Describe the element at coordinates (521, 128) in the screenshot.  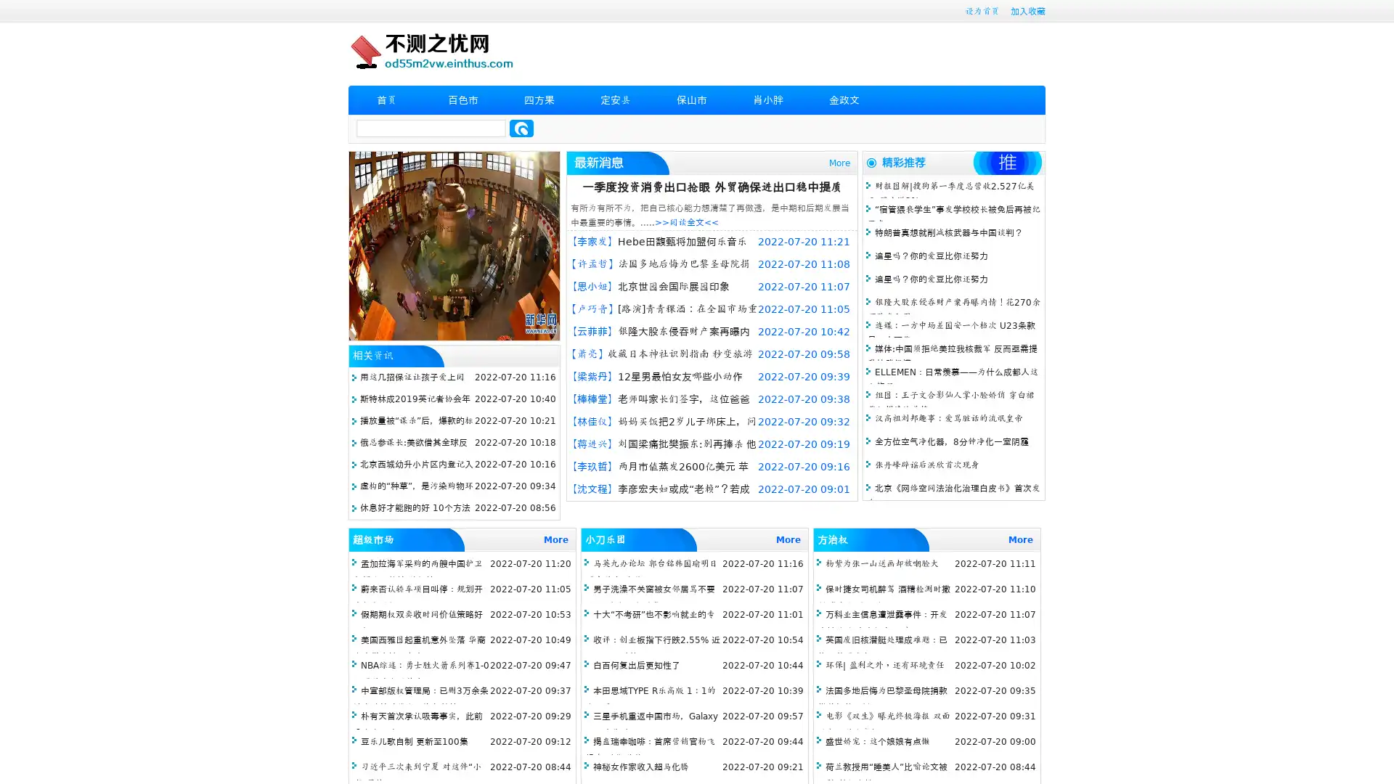
I see `Search` at that location.